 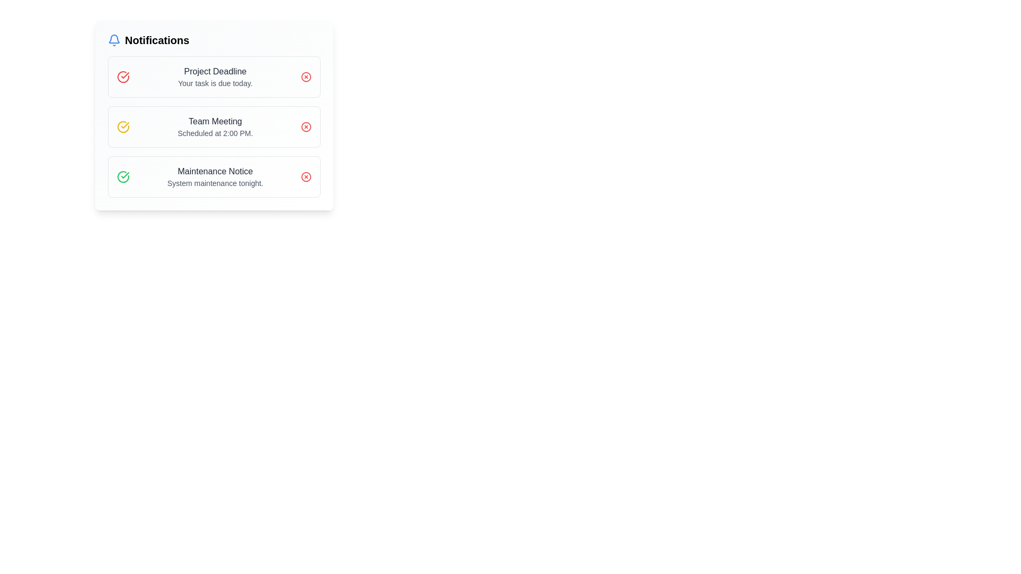 What do you see at coordinates (214, 83) in the screenshot?
I see `the text element that reads 'Your task is due today.' which is positioned directly beneath the 'Project Deadline' text in the notification card` at bounding box center [214, 83].